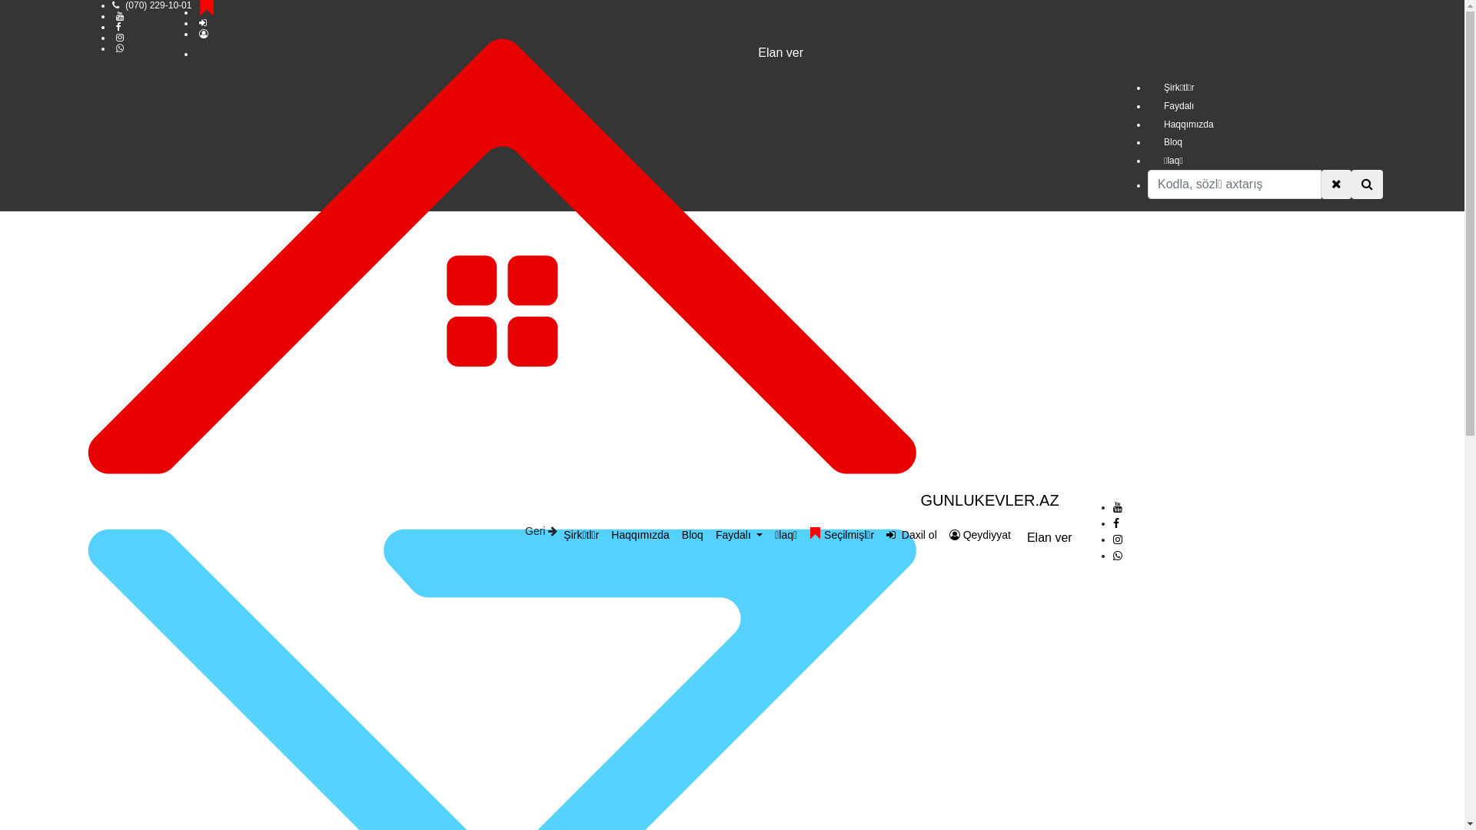  Describe the element at coordinates (1115, 523) in the screenshot. I see `'Facebook'` at that location.